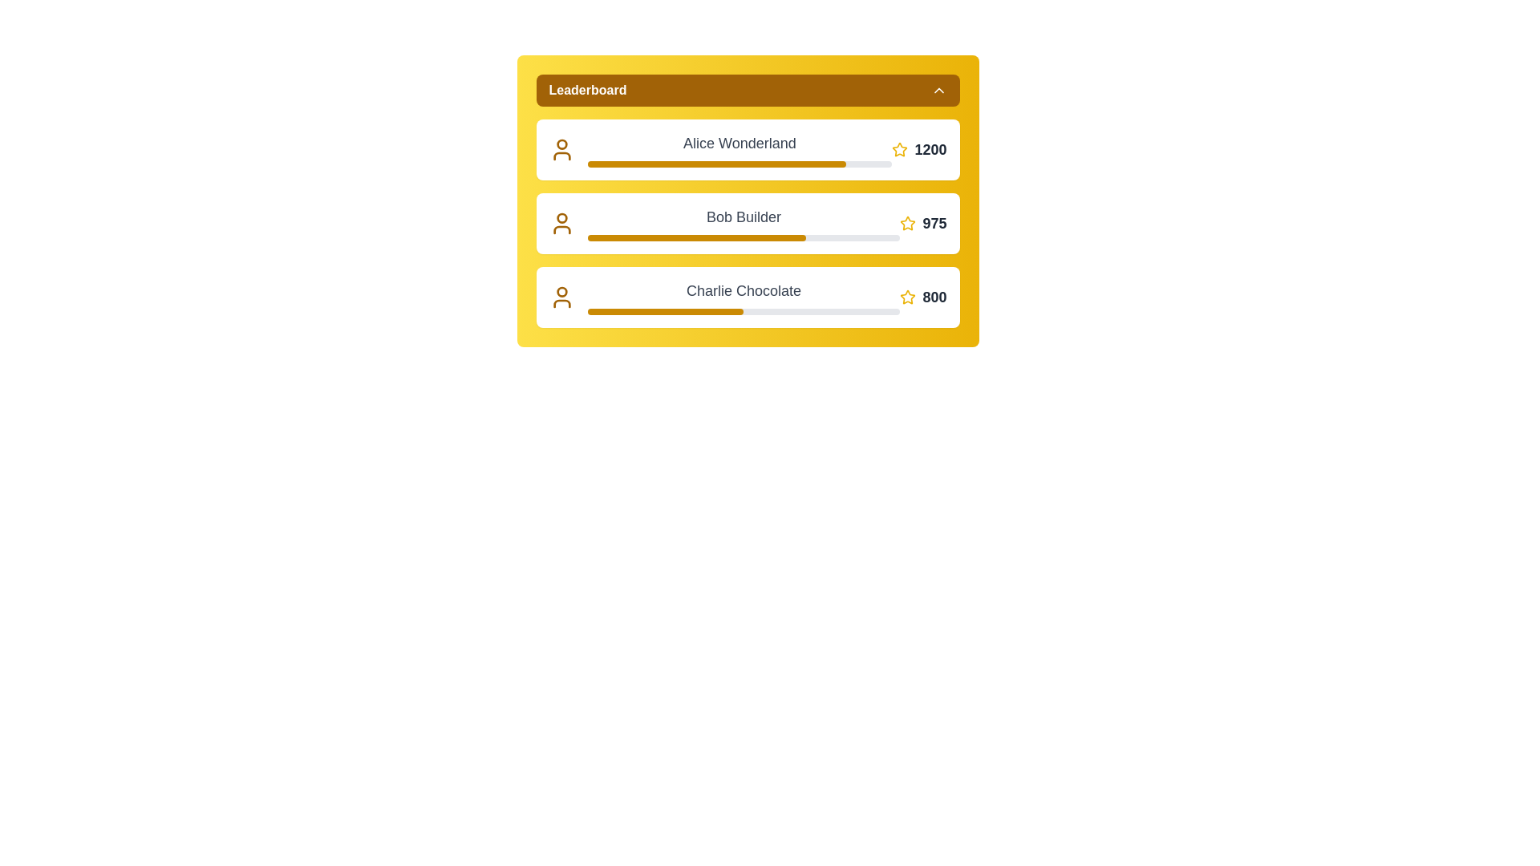 This screenshot has height=866, width=1540. I want to click on the first star icon indicating special status for user 'Alice Wonderland' to get details on its significance, so click(900, 149).